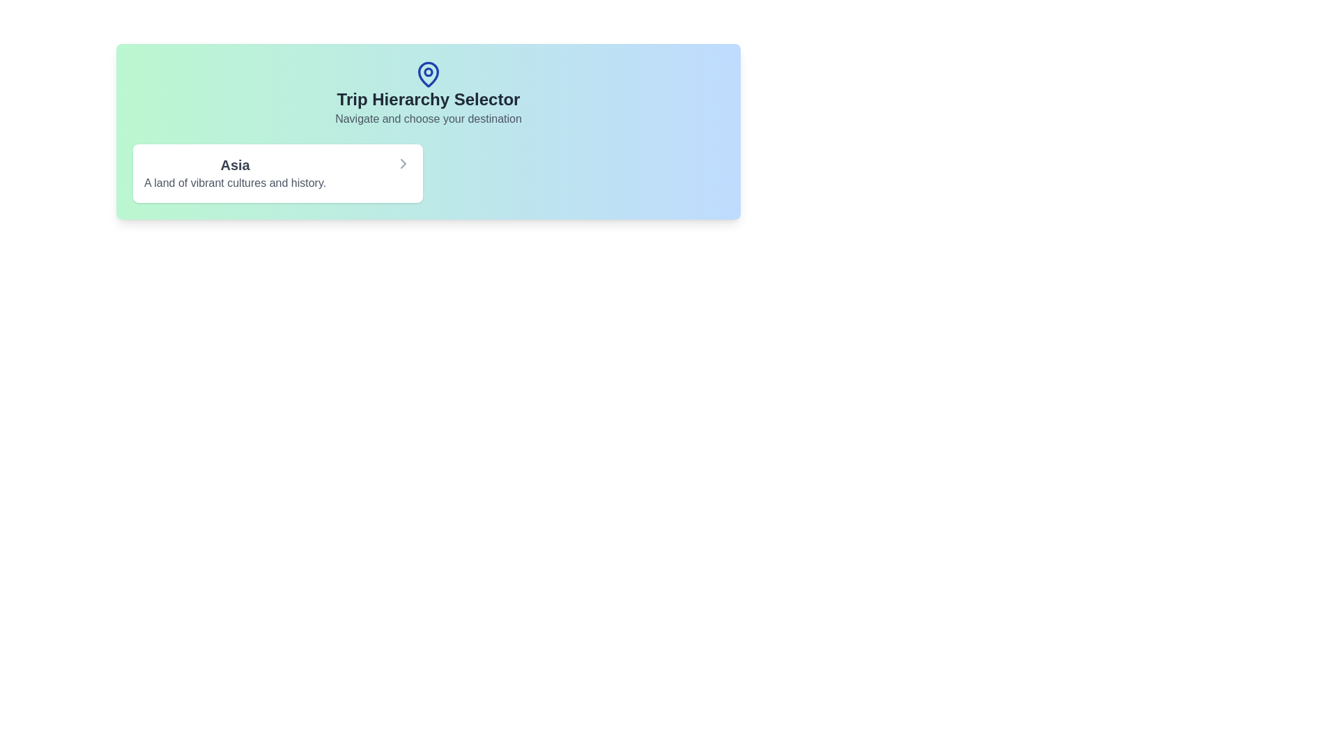 The width and height of the screenshot is (1338, 753). Describe the element at coordinates (427, 73) in the screenshot. I see `the decorative location/travel icon located above the 'Trip Hierarchy Selector' text in the header section` at that location.